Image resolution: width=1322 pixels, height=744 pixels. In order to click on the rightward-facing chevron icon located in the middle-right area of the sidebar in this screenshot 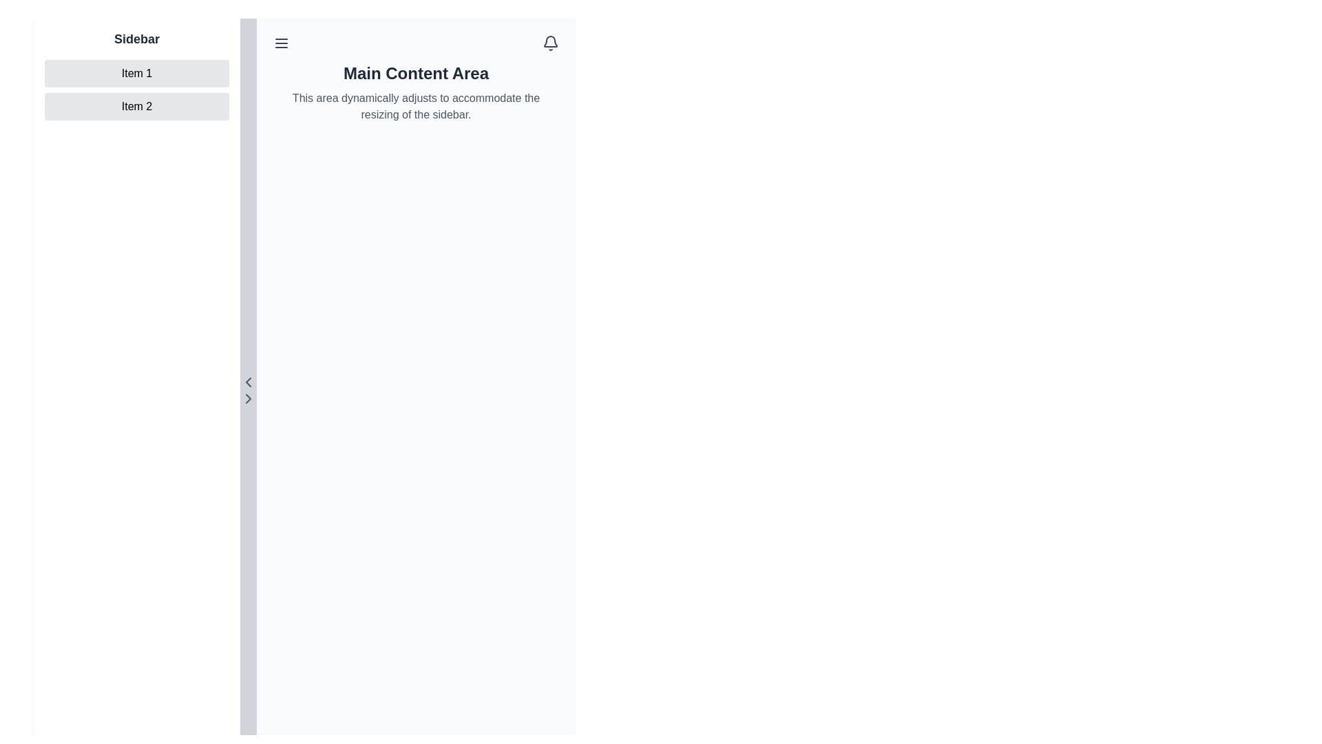, I will do `click(248, 398)`.